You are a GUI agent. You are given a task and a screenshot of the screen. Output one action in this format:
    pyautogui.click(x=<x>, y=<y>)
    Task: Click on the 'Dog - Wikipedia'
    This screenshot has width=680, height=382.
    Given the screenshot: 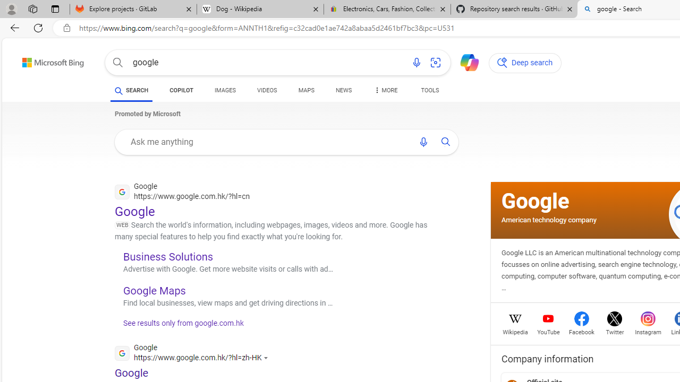 What is the action you would take?
    pyautogui.click(x=260, y=9)
    